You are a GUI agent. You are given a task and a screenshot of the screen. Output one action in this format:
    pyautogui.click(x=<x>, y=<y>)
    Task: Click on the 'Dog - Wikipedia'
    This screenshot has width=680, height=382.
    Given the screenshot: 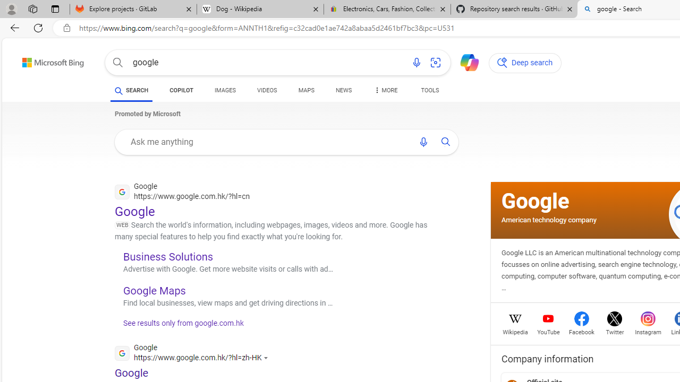 What is the action you would take?
    pyautogui.click(x=260, y=9)
    